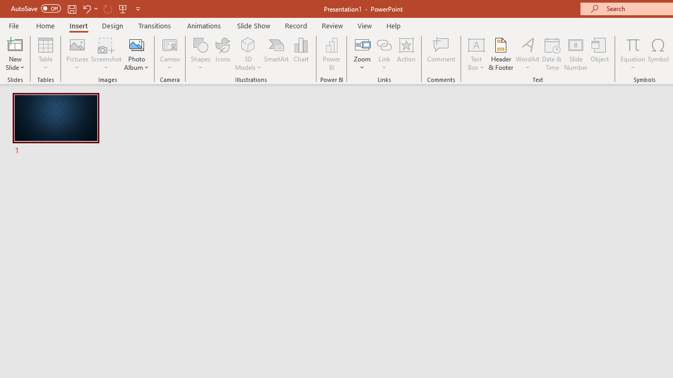 This screenshot has height=378, width=673. Describe the element at coordinates (248, 54) in the screenshot. I see `'3D Models'` at that location.